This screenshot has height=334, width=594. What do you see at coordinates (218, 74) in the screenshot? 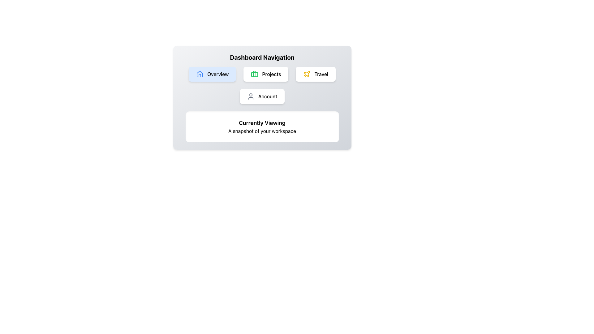
I see `the 'Overview' text label, which is the textual part of the first button in the navigation row, styled in dark text on a light blue background, located next to a house icon` at bounding box center [218, 74].